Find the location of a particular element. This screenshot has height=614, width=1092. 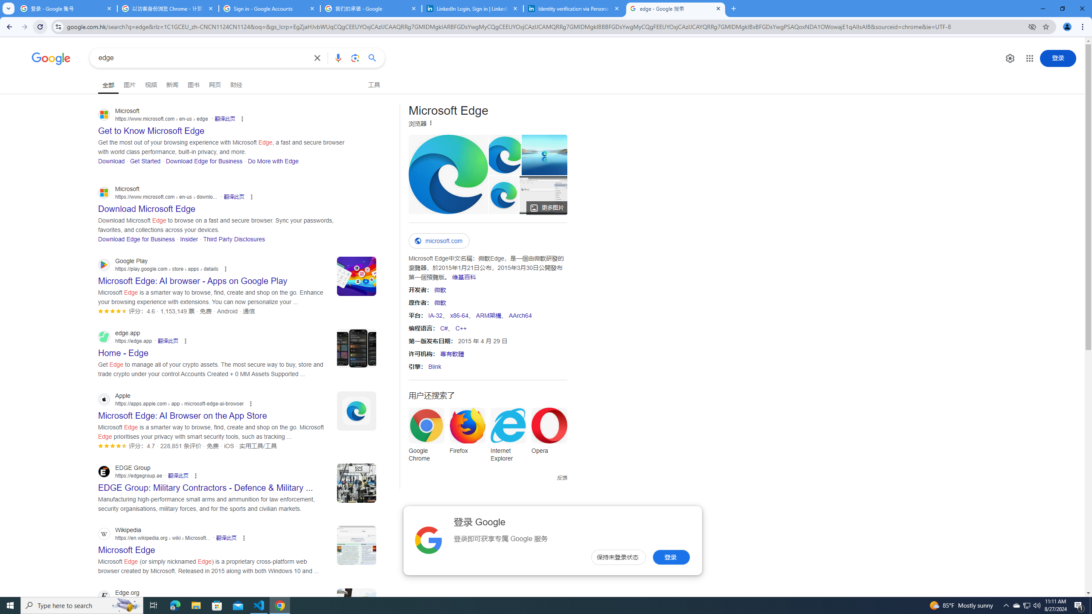

'Third-party cookies blocked' is located at coordinates (1032, 26).